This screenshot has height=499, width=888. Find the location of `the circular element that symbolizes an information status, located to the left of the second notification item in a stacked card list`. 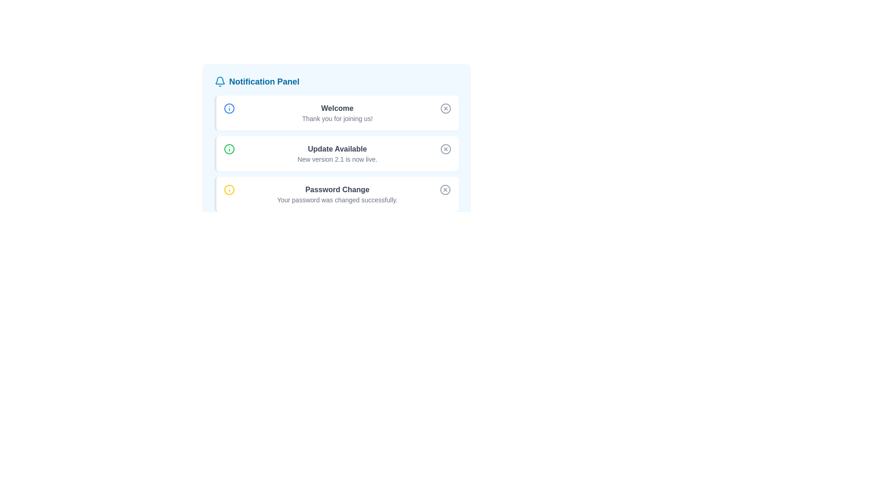

the circular element that symbolizes an information status, located to the left of the second notification item in a stacked card list is located at coordinates (229, 108).